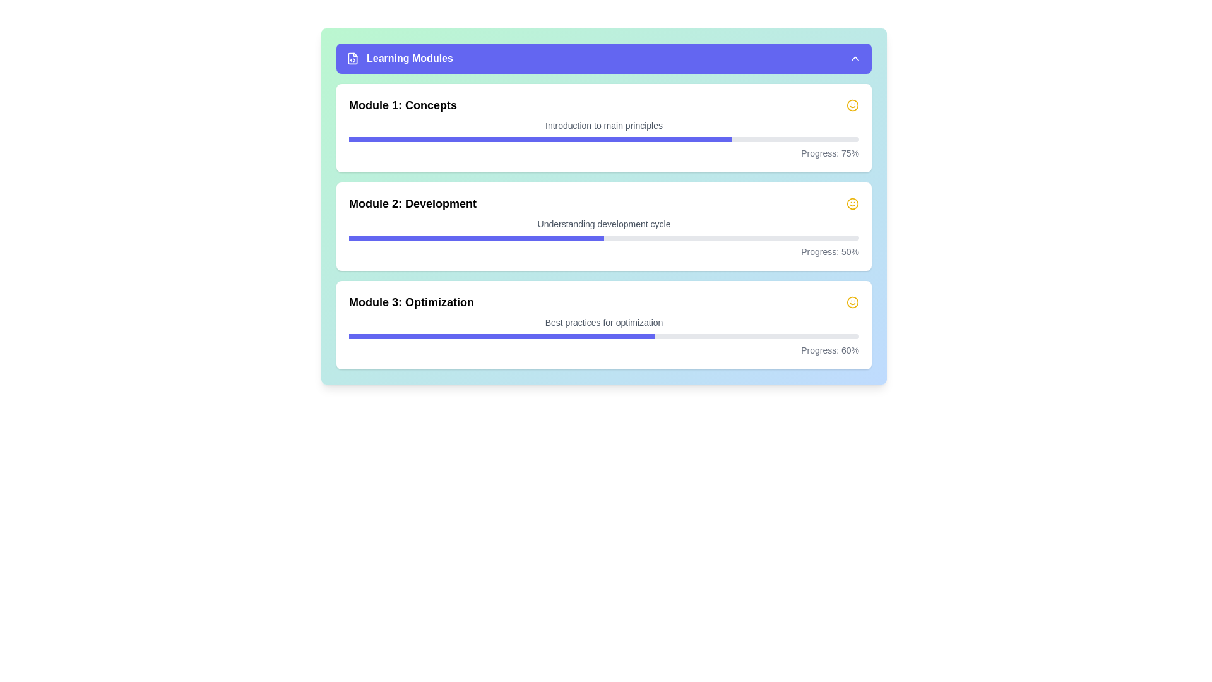  What do you see at coordinates (852, 302) in the screenshot?
I see `the small smiling face icon styled in yellow with a circular outline, located in the top-right corner of the 'Module 3: Optimization' section, aligned with the section's title` at bounding box center [852, 302].